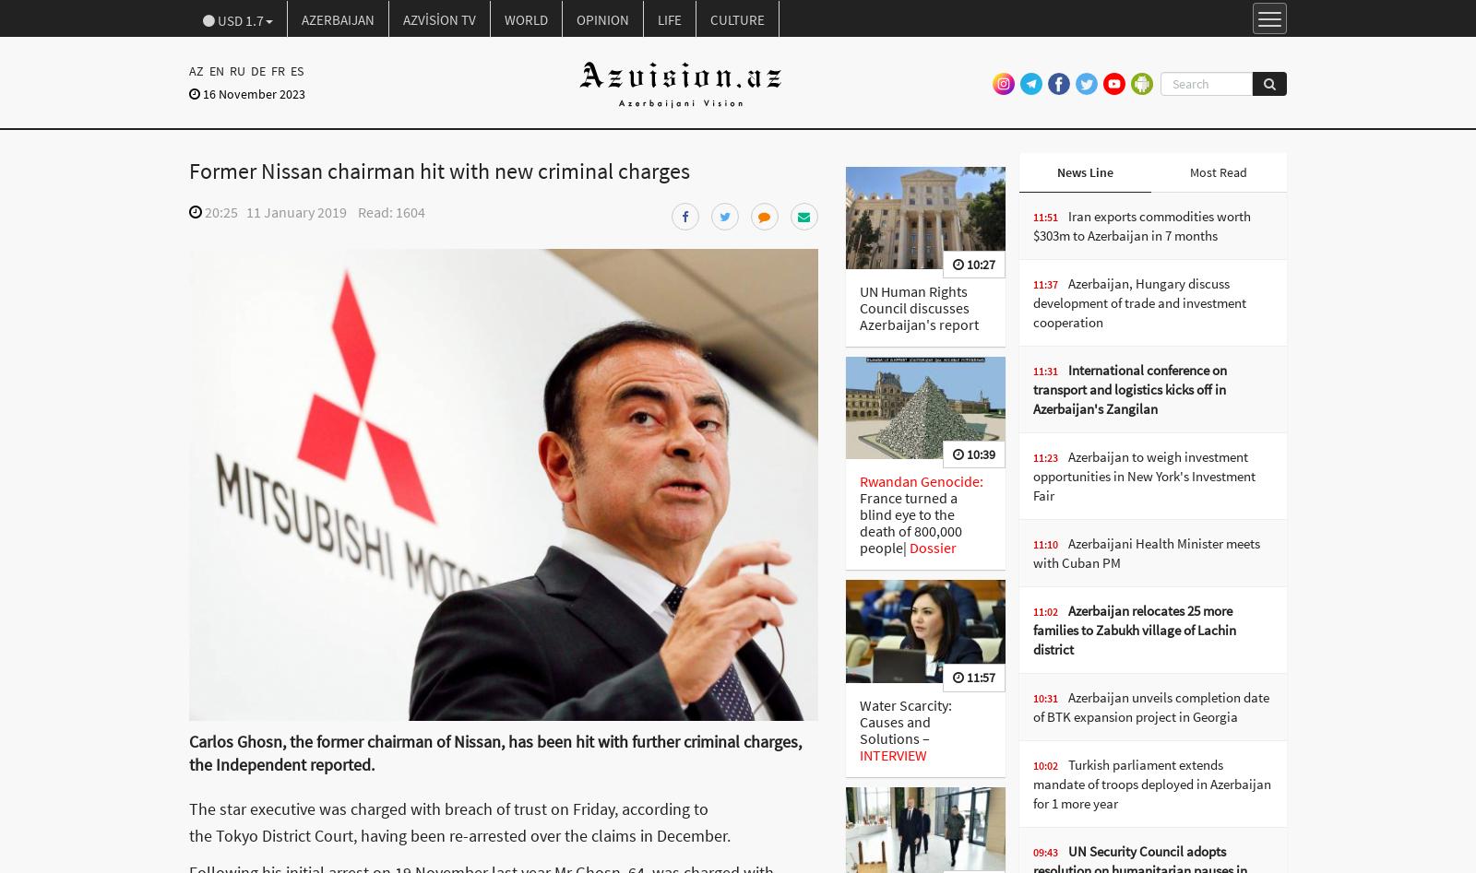 Image resolution: width=1476 pixels, height=873 pixels. I want to click on '11:51', so click(1032, 217).